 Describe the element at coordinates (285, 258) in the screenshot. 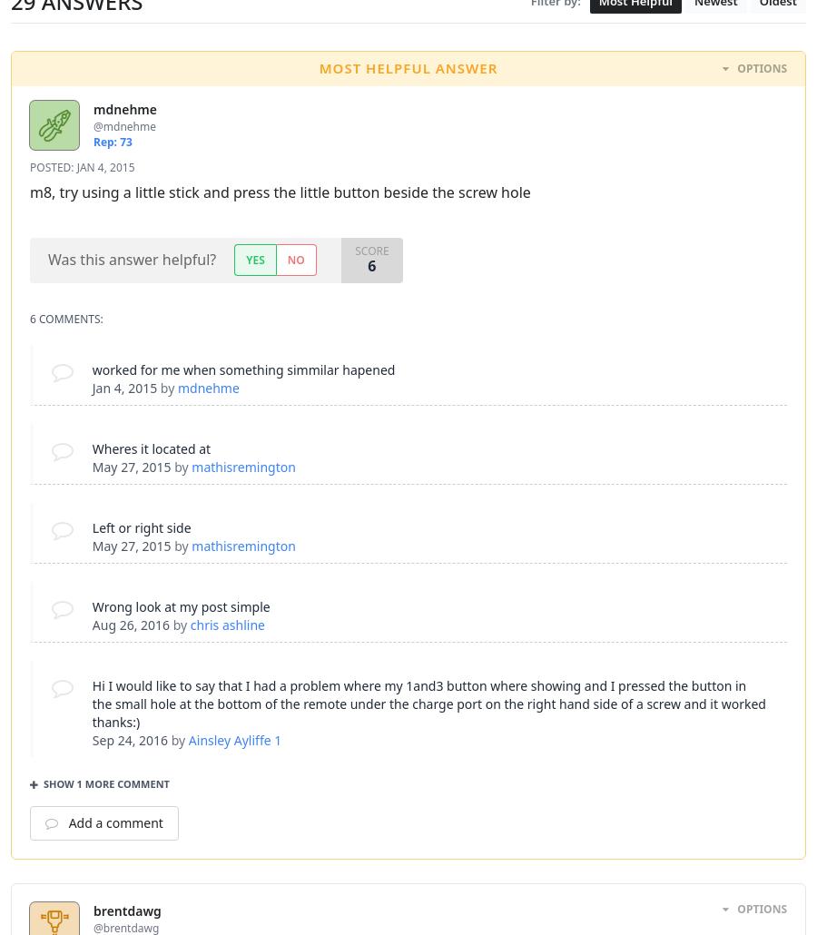

I see `'No'` at that location.